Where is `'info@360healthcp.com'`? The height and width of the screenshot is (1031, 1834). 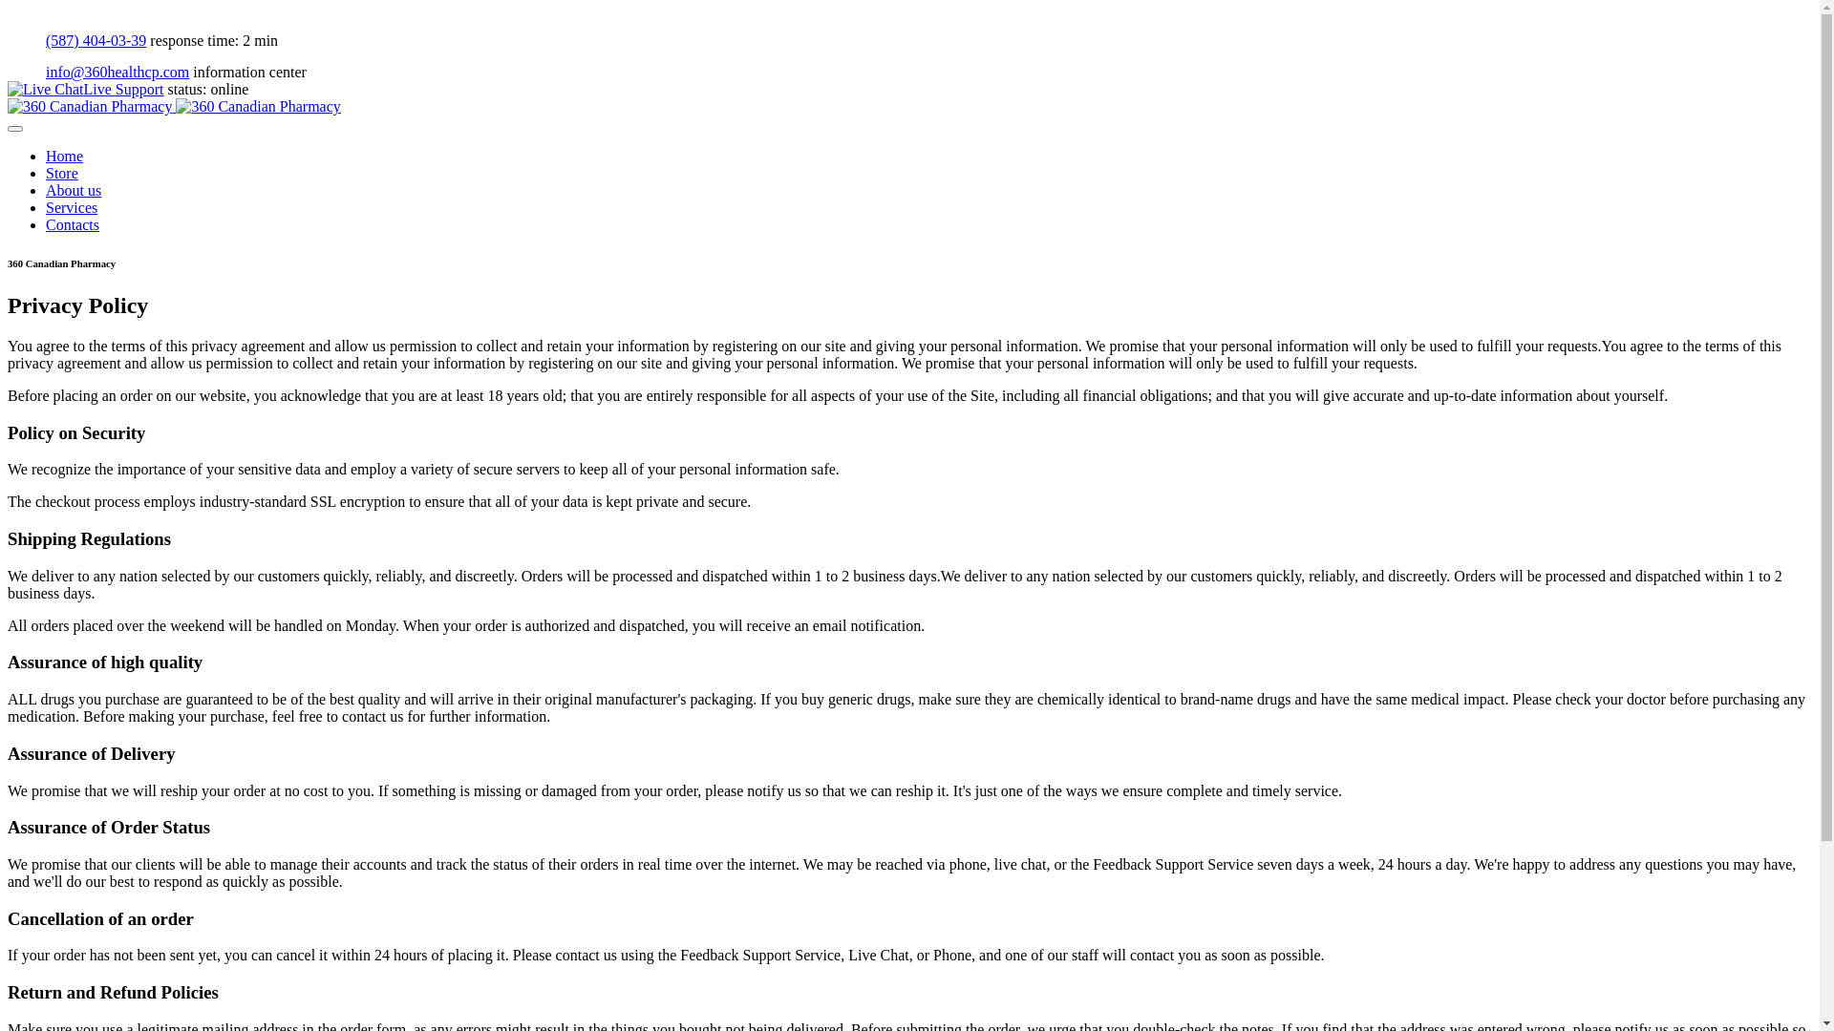
'info@360healthcp.com' is located at coordinates (96, 71).